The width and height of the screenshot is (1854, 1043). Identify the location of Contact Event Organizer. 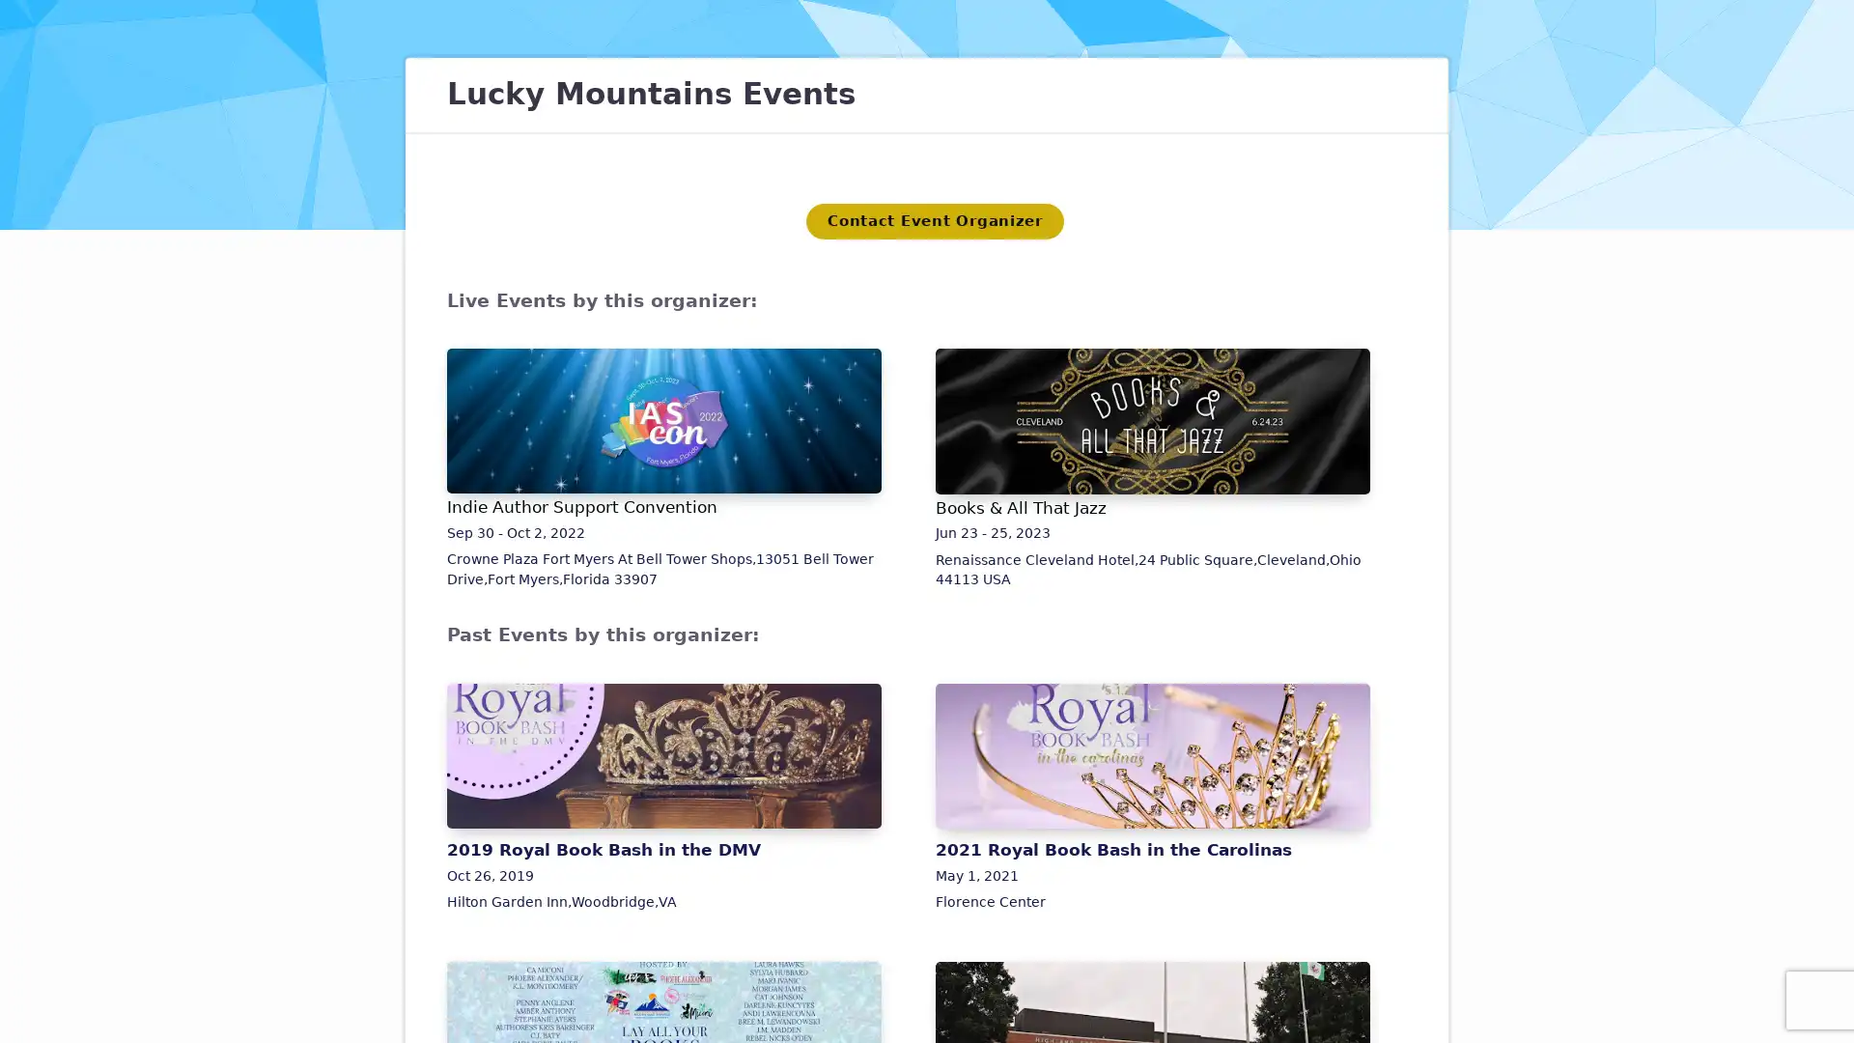
(935, 219).